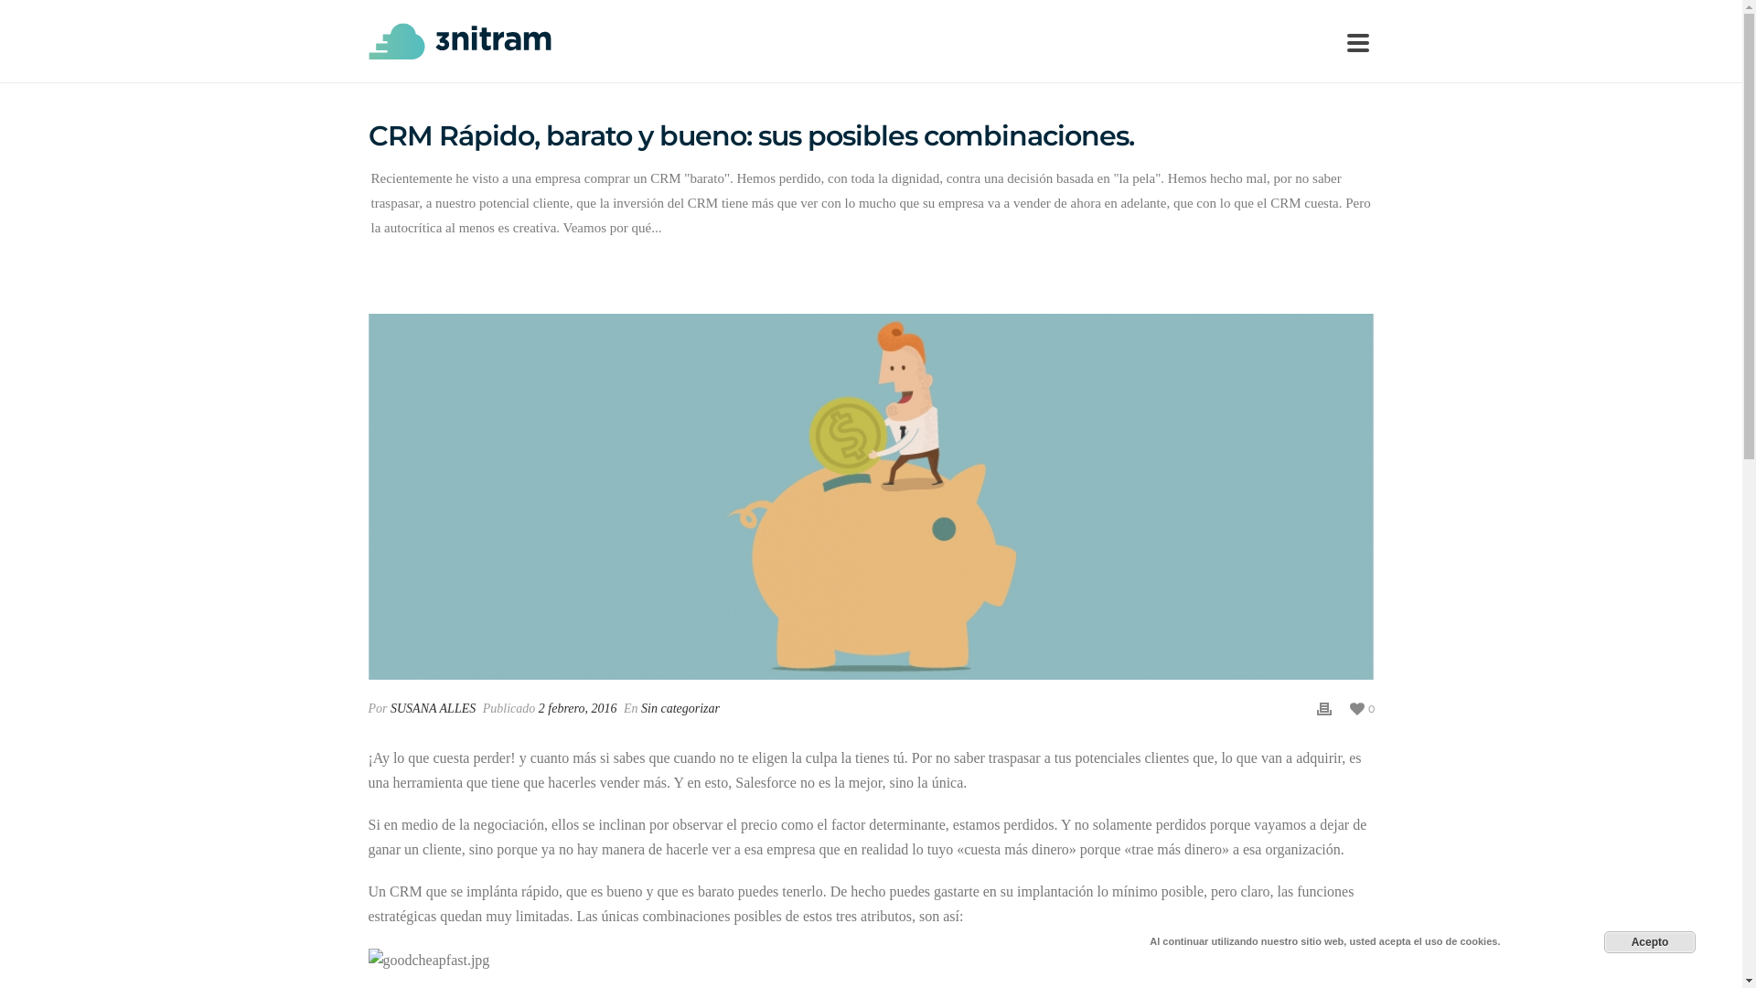  Describe the element at coordinates (1324, 707) in the screenshot. I see `'Print'` at that location.